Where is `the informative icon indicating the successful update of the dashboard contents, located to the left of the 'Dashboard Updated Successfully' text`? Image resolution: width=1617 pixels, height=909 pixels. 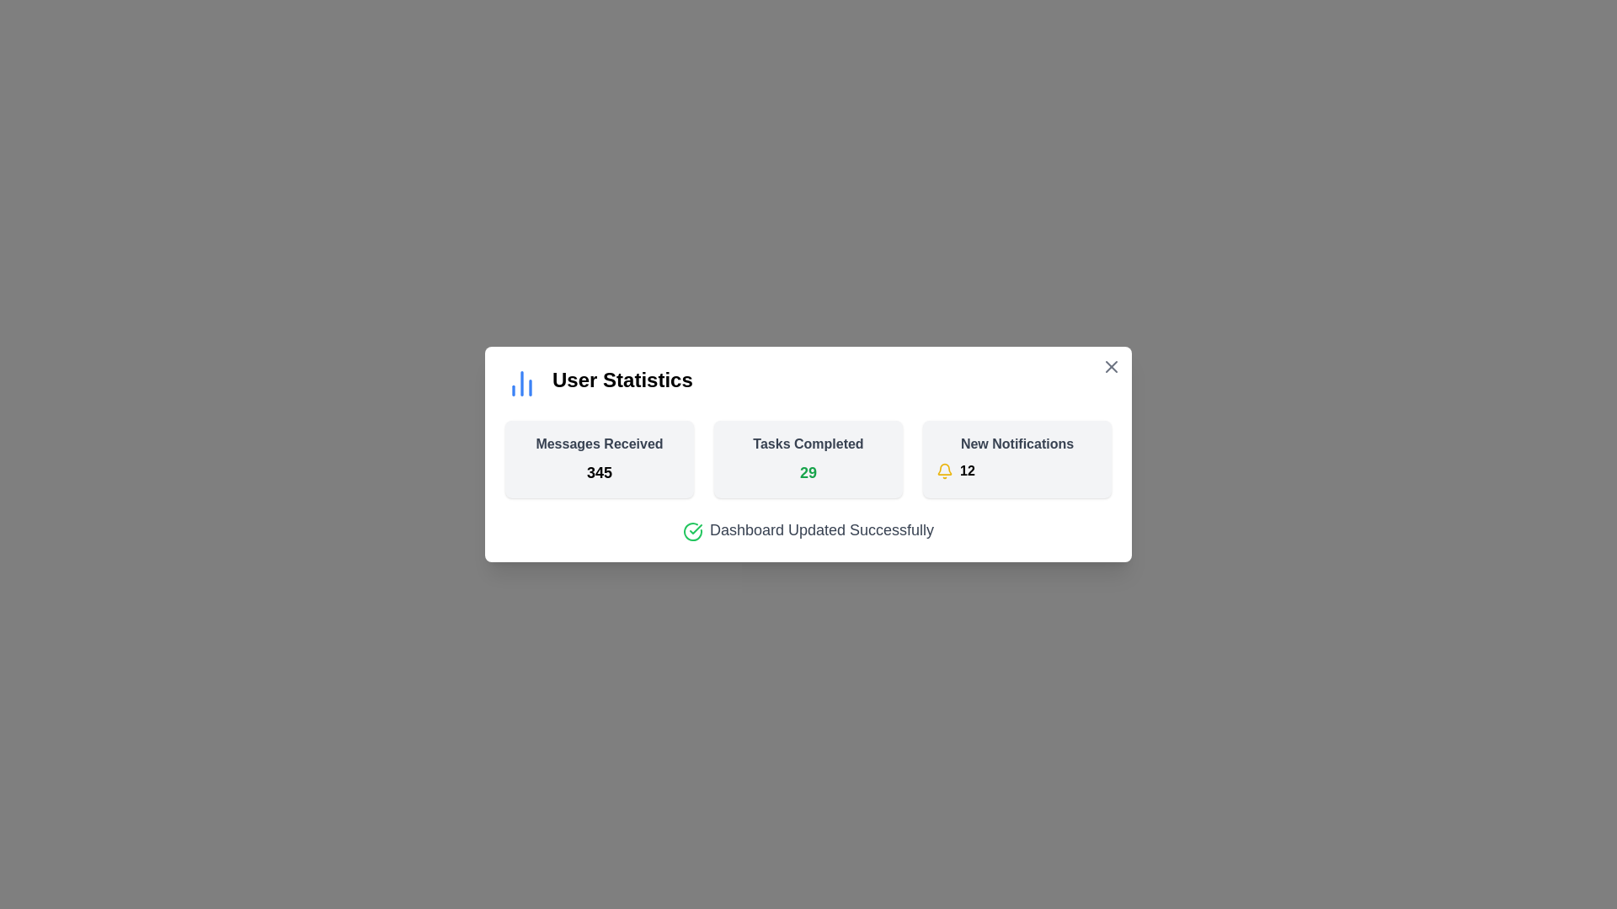 the informative icon indicating the successful update of the dashboard contents, located to the left of the 'Dashboard Updated Successfully' text is located at coordinates (692, 531).